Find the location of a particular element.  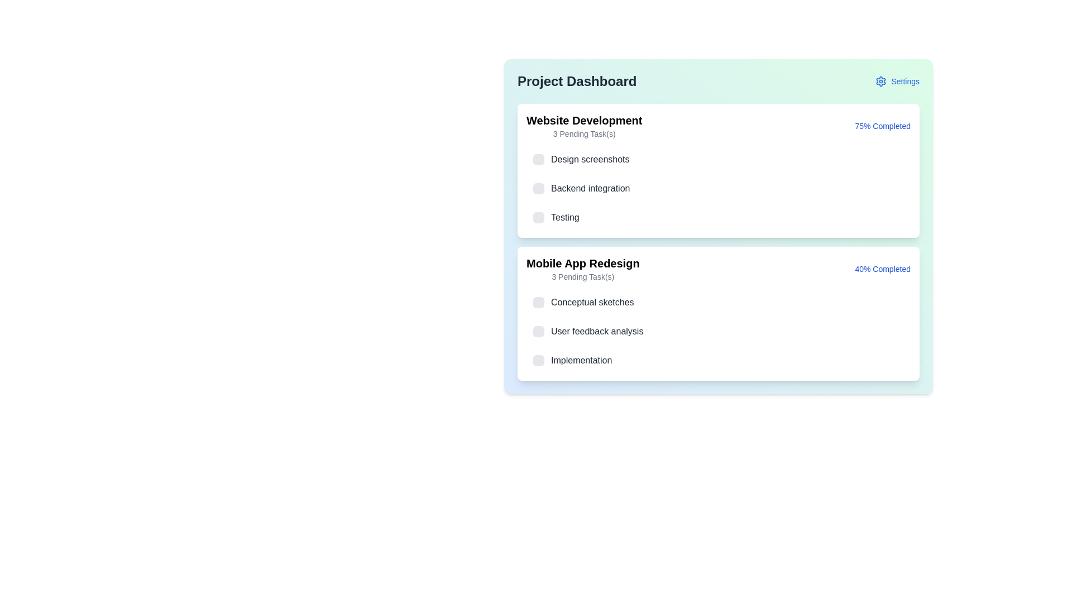

the informational card titled 'Website Development' that contains the subtitle '3 Pending Task(s)' and shows '75% Completed' in the upper-right corner is located at coordinates (718, 170).